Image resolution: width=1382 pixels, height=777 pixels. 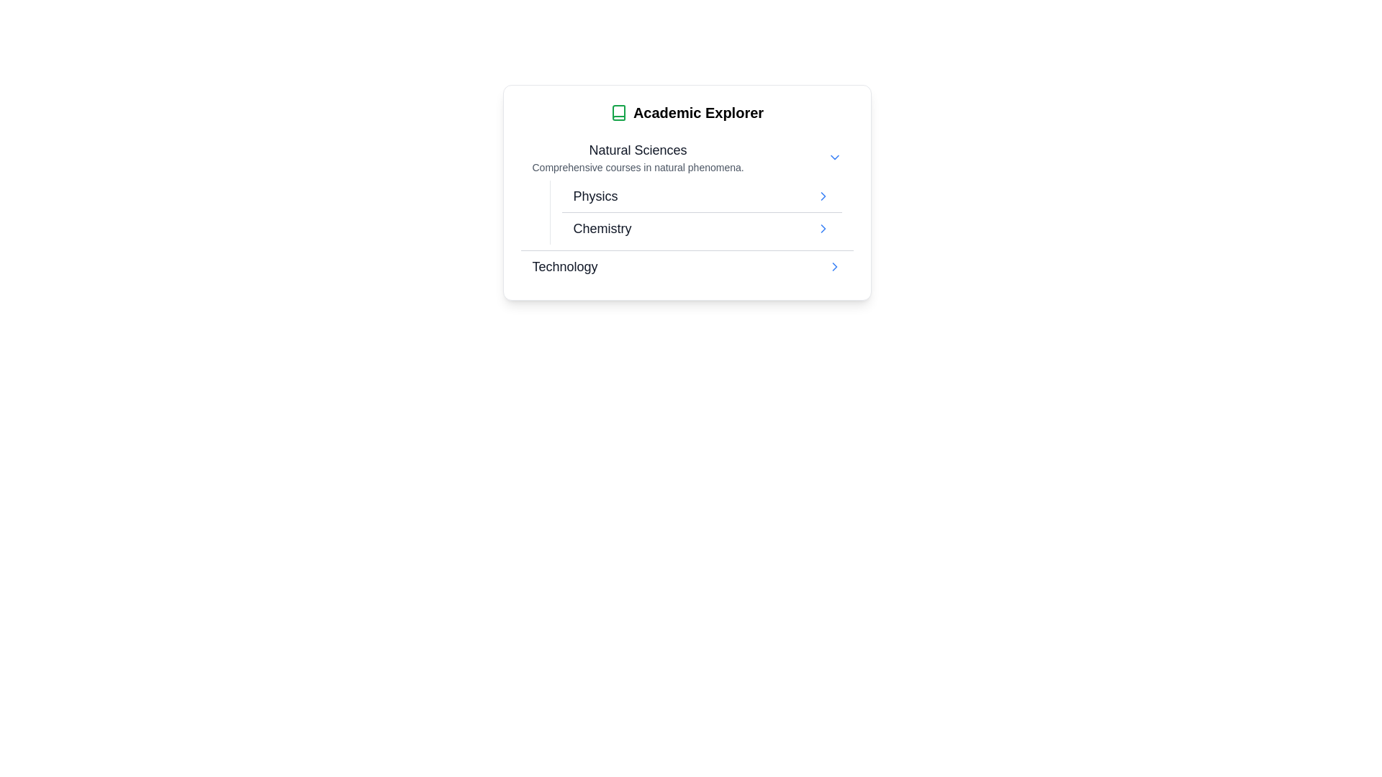 What do you see at coordinates (823, 227) in the screenshot?
I see `the right-facing blue chevron icon next to the text 'Chemistry'` at bounding box center [823, 227].